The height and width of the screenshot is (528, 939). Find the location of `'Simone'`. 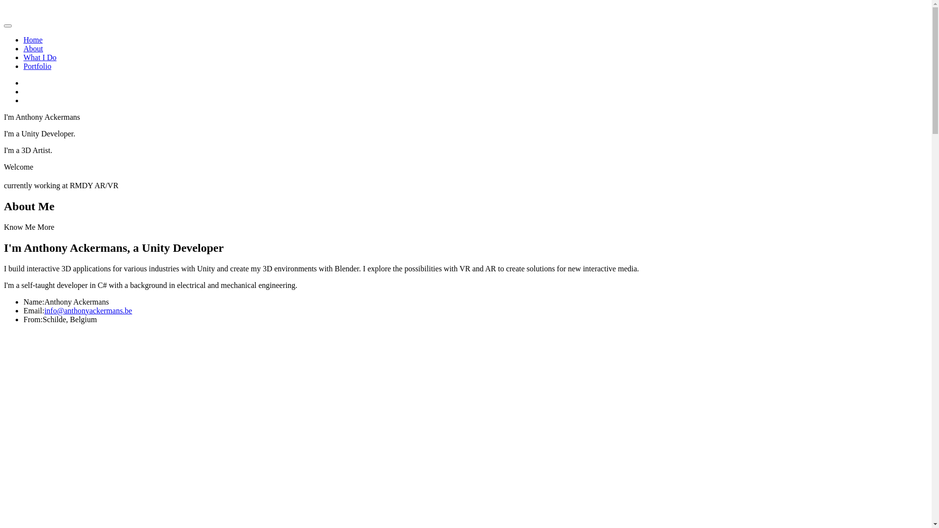

'Simone' is located at coordinates (85, 14).